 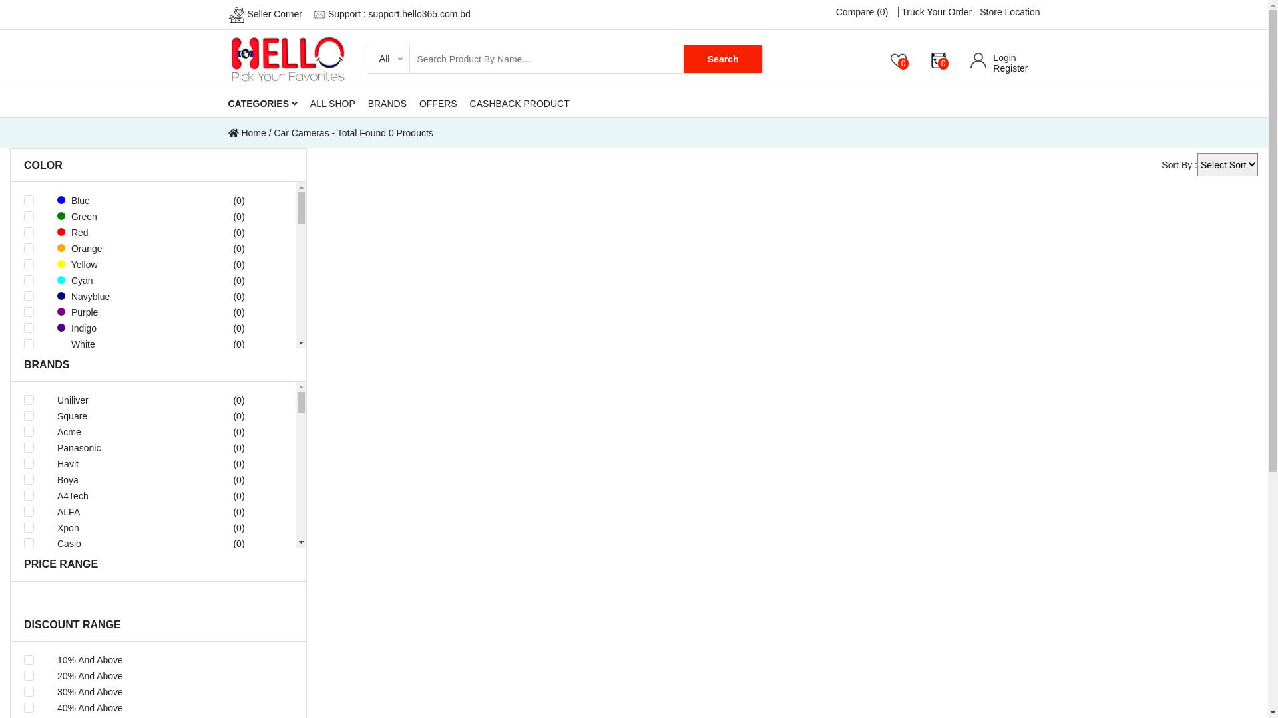 What do you see at coordinates (891, 59) in the screenshot?
I see `'0'` at bounding box center [891, 59].